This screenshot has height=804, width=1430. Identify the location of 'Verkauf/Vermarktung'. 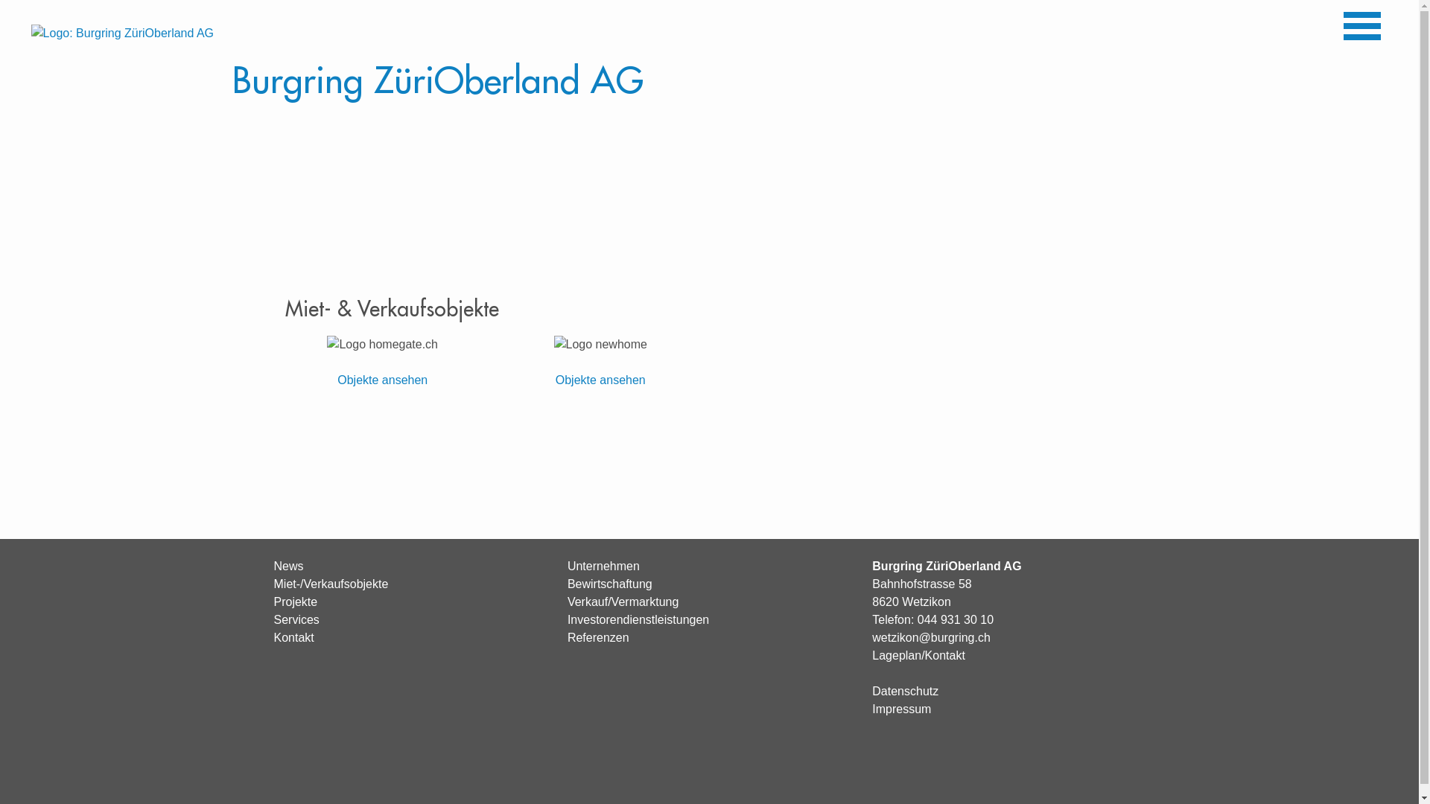
(623, 601).